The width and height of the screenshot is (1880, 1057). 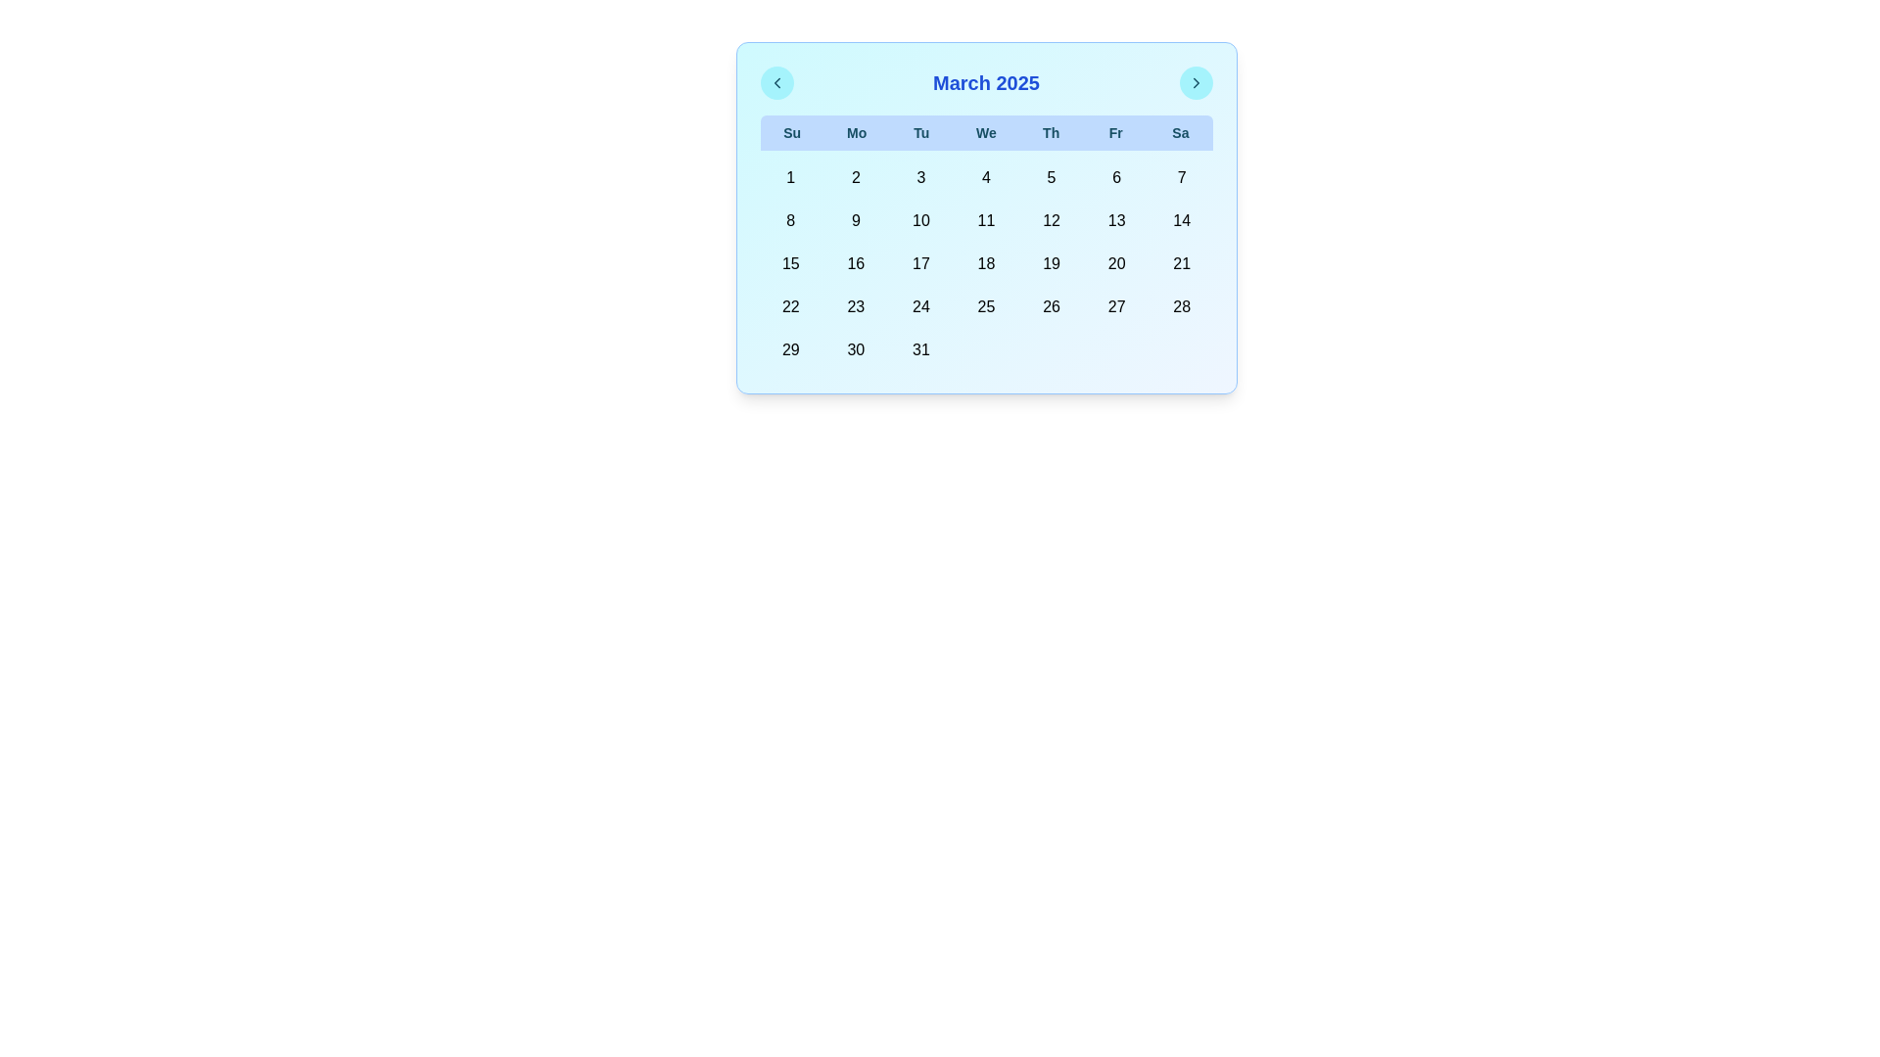 What do you see at coordinates (856, 264) in the screenshot?
I see `the calendar date button displaying '16' in the third row and second column of the grid layout` at bounding box center [856, 264].